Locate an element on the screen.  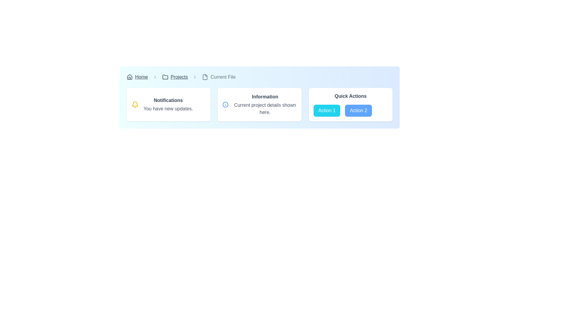
the rectangular button labeled 'Action 2' with a blue background to change its background color is located at coordinates (358, 111).